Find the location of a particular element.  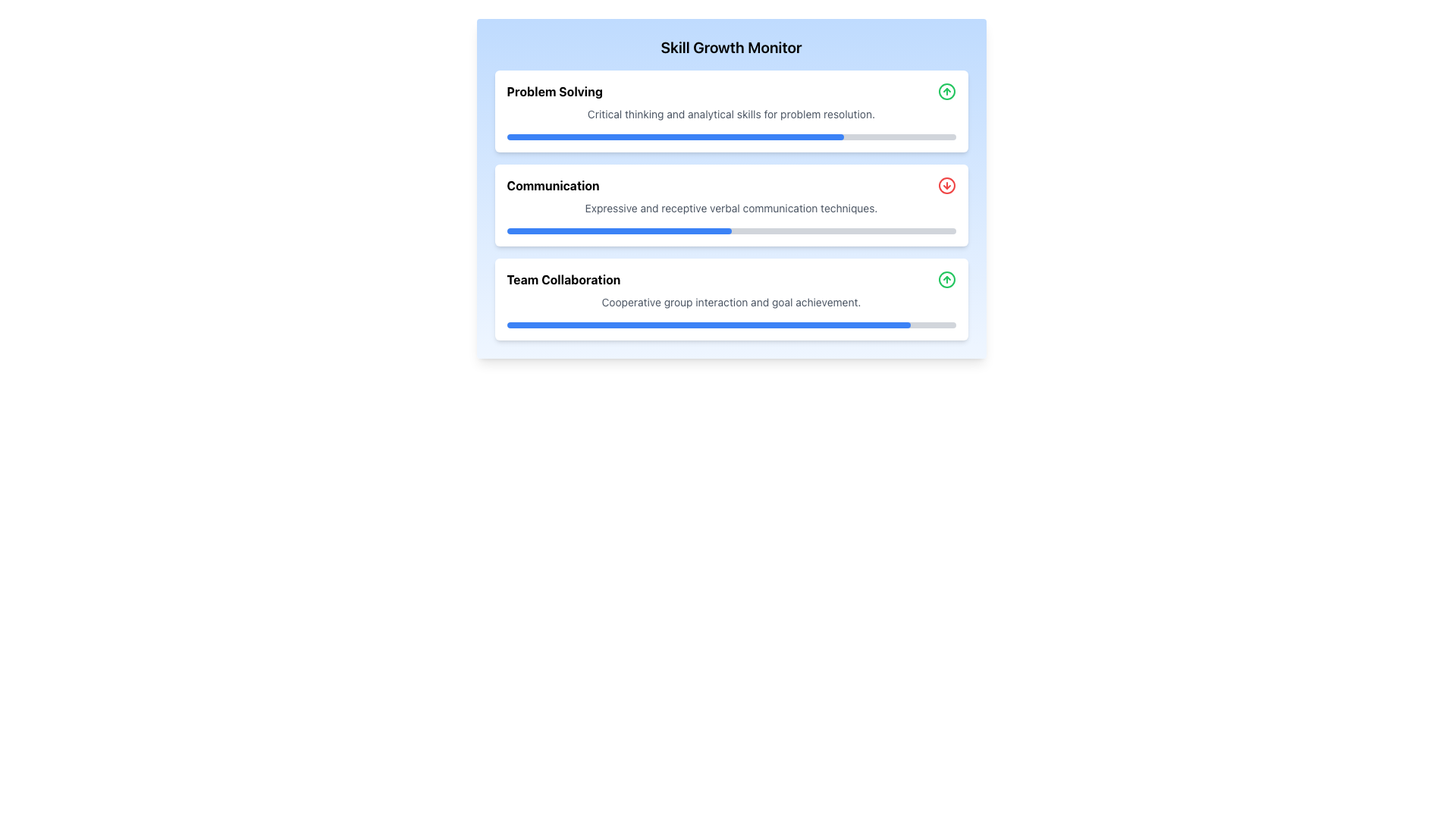

the Progress Bar located at the bottom of the 'Team Collaboration' card in the 'Skill Growth Monitor' section to visually represent the ongoing activity progress is located at coordinates (731, 324).